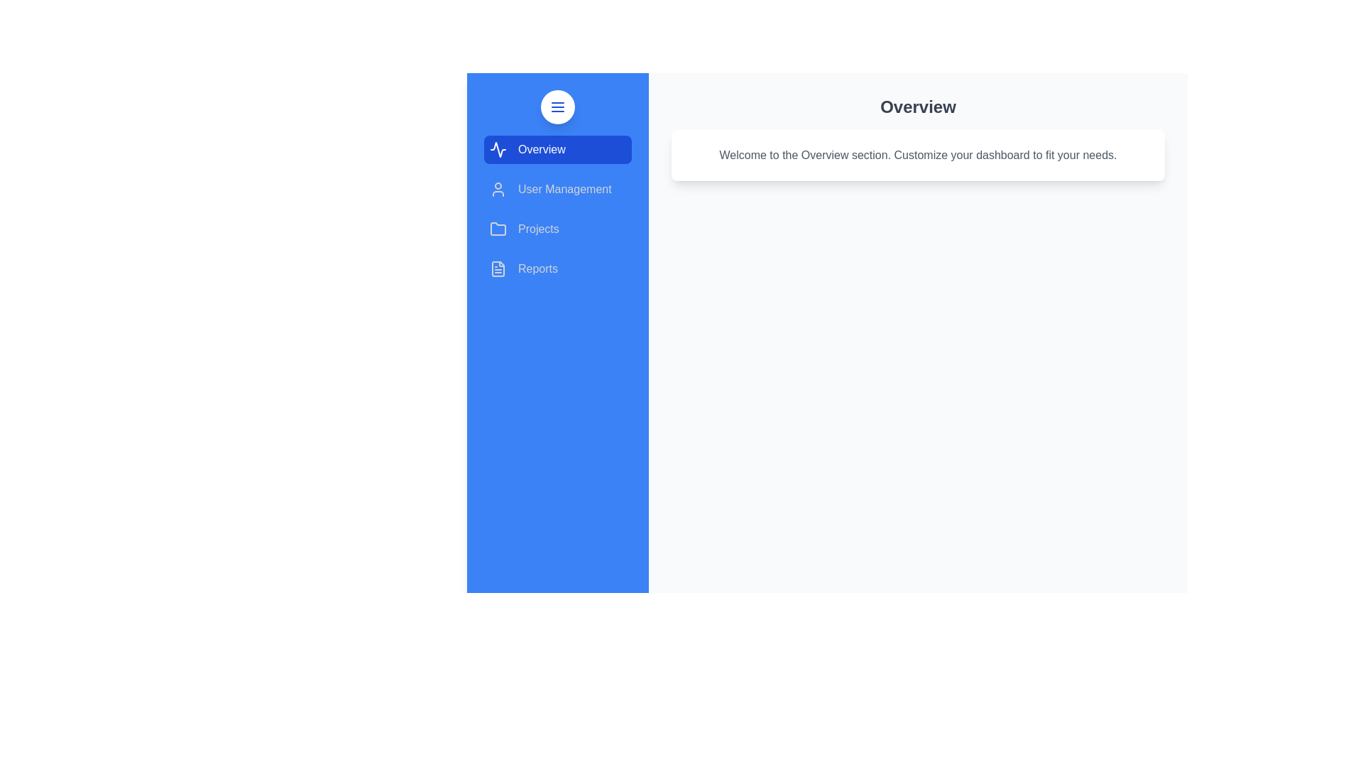  What do you see at coordinates (557, 150) in the screenshot?
I see `the sidebar section Overview` at bounding box center [557, 150].